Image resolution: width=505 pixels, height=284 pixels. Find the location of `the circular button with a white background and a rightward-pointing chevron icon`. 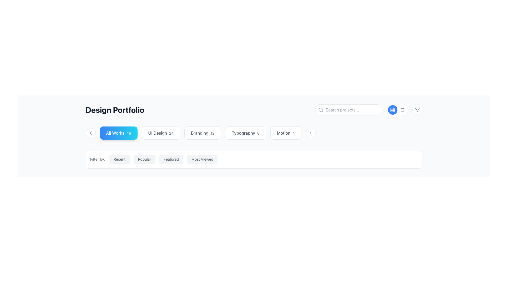

the circular button with a white background and a rightward-pointing chevron icon is located at coordinates (310, 133).